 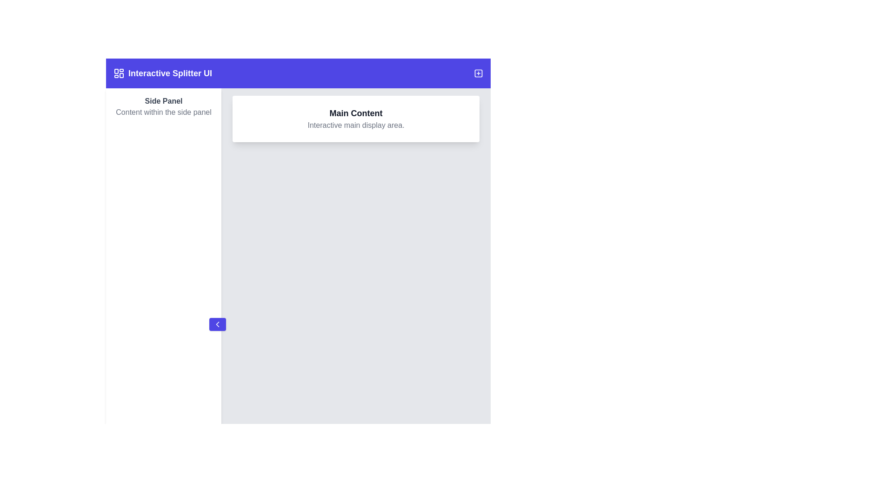 What do you see at coordinates (355, 125) in the screenshot?
I see `the text label 'Interactive main display area' which is displayed in light gray font and positioned directly beneath the bolder 'Main Content' text` at bounding box center [355, 125].